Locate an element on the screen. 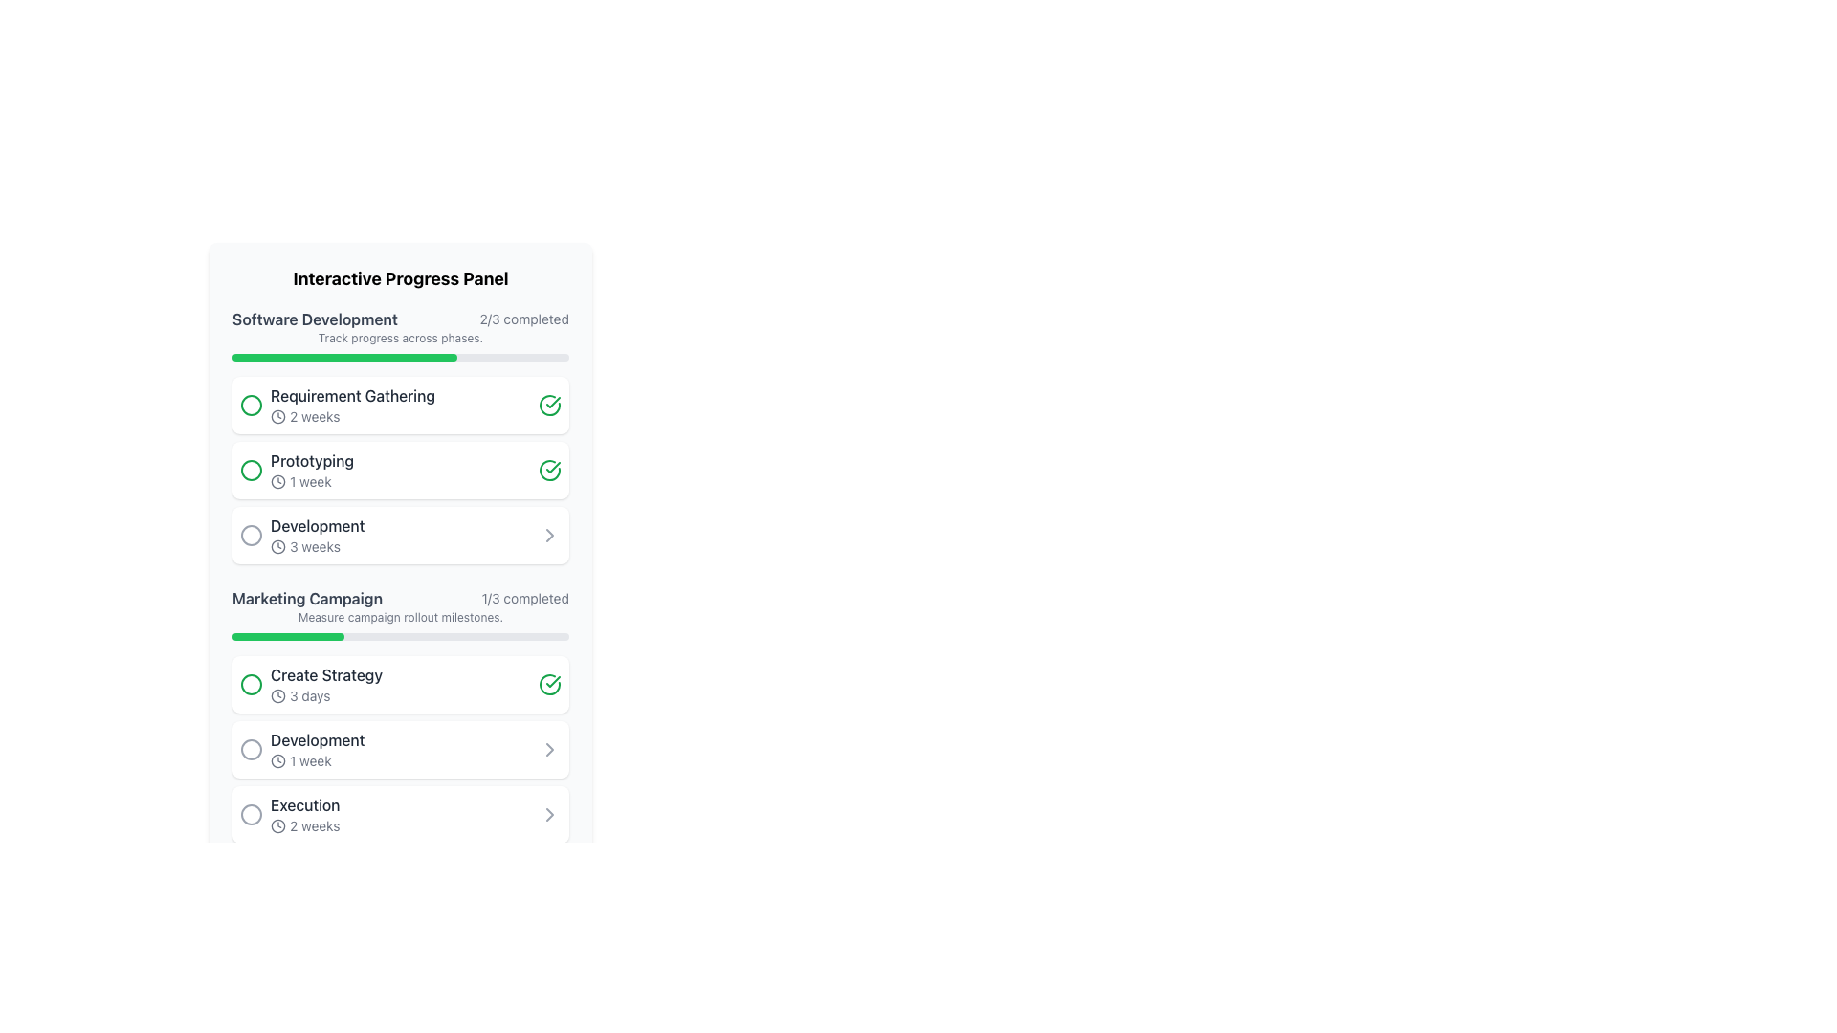  the circular checkbox next to the 'Create Strategy' task in the 'Marketing Campaign' group to mark the task as completed is located at coordinates (326, 684).